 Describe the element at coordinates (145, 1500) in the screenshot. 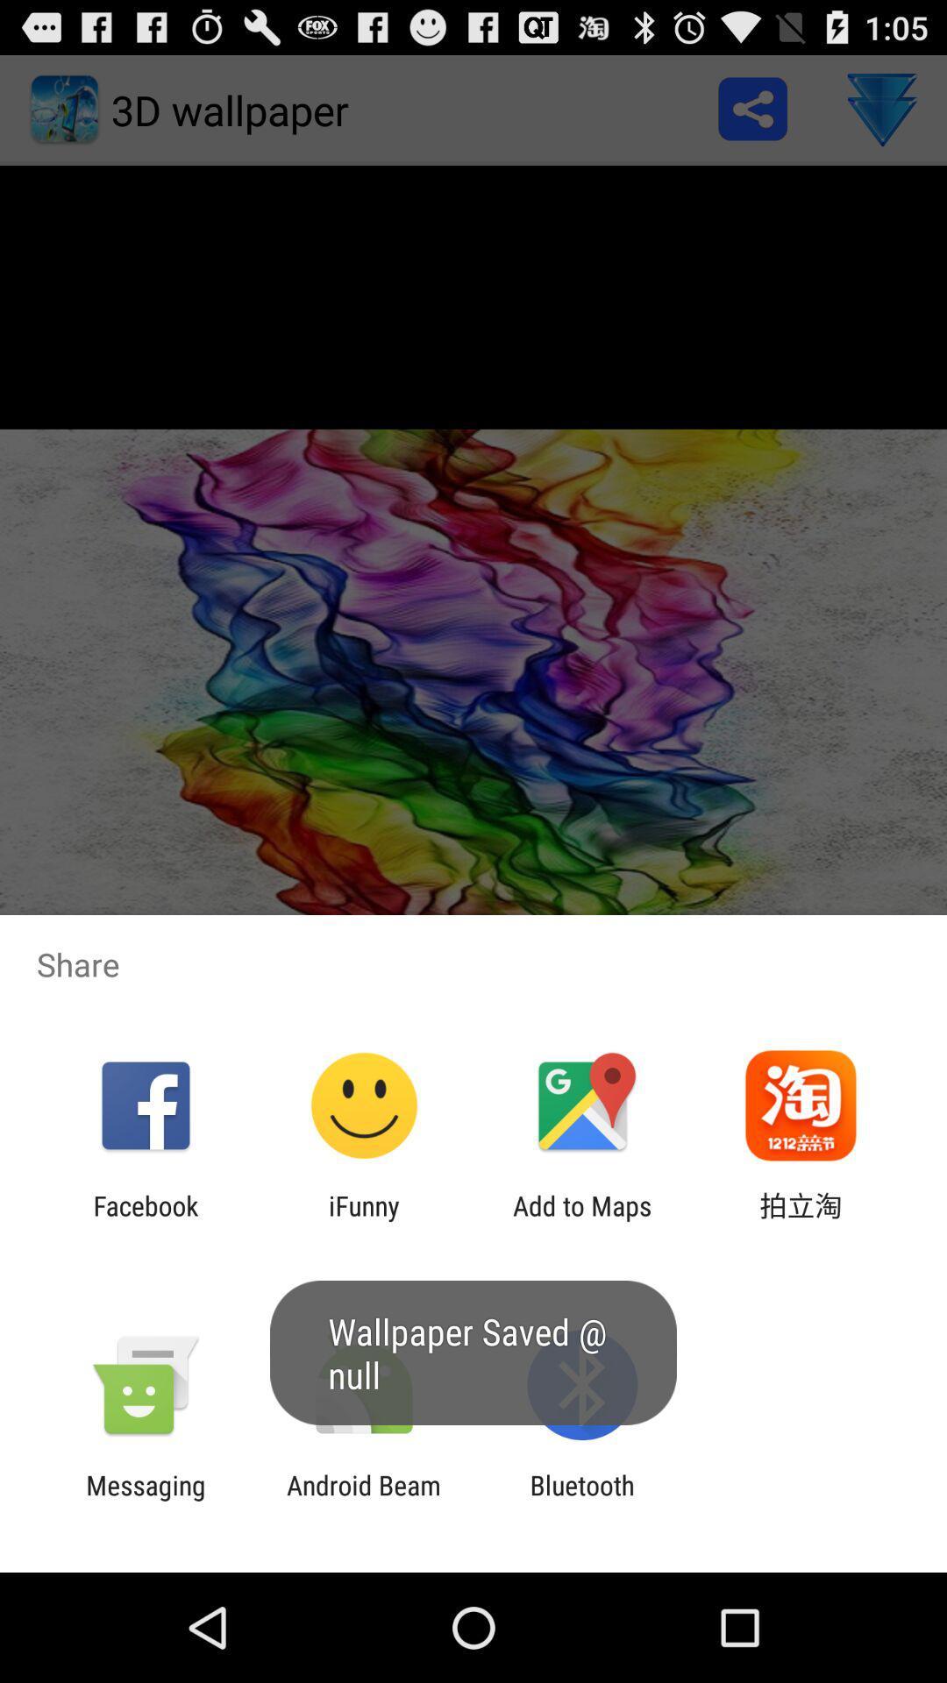

I see `messaging icon` at that location.